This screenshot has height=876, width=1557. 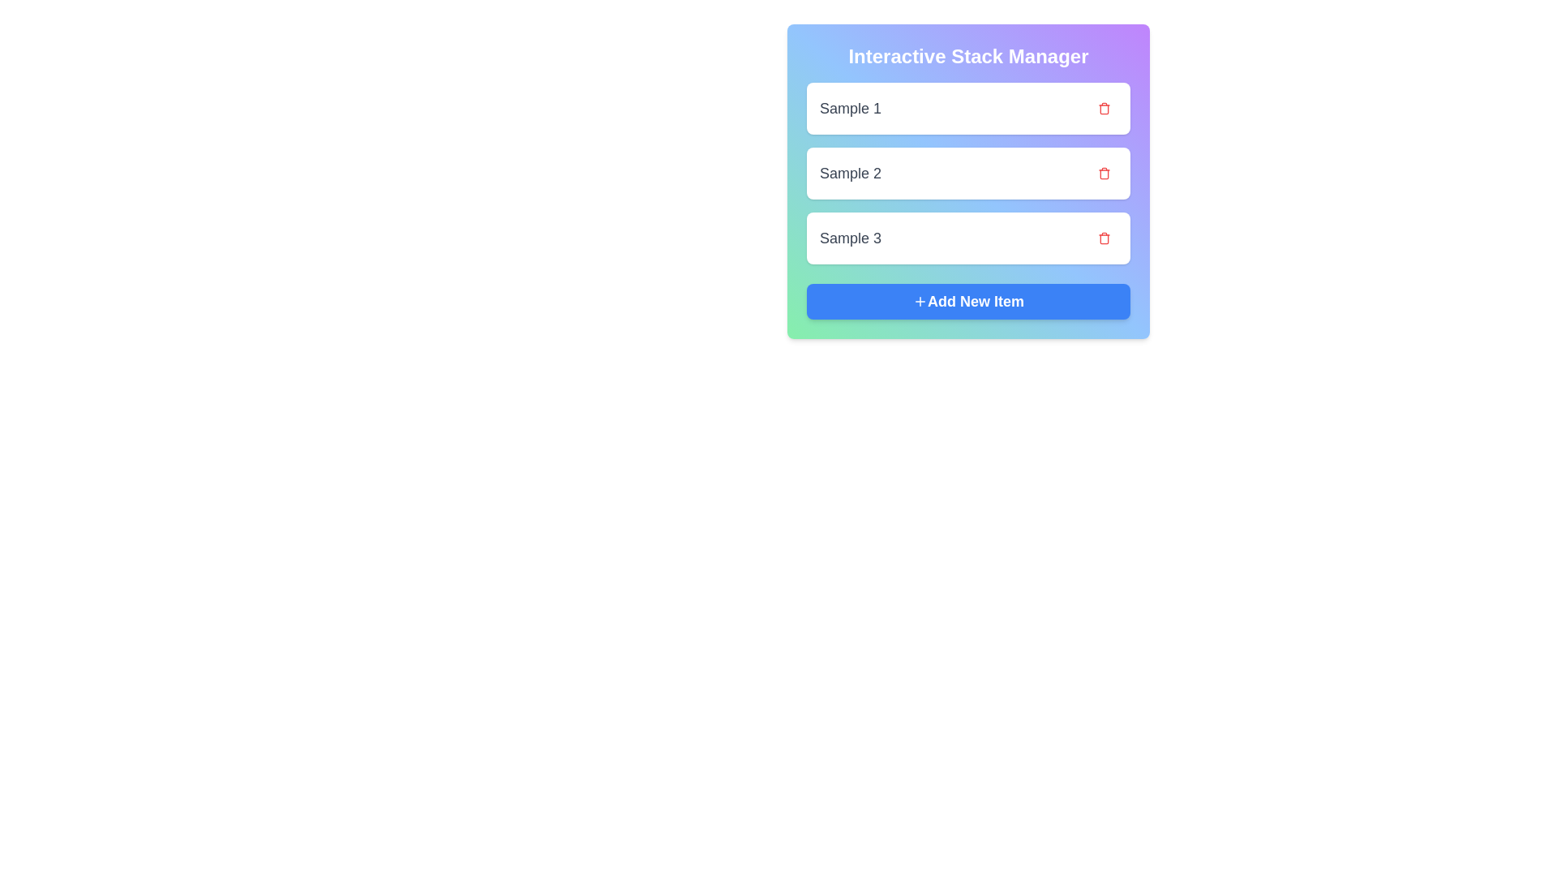 What do you see at coordinates (1104, 173) in the screenshot?
I see `the delete icon button located in the second row of the 'Interactive Stack Manager' section, to the right of the text input labeled 'Sample 2'` at bounding box center [1104, 173].